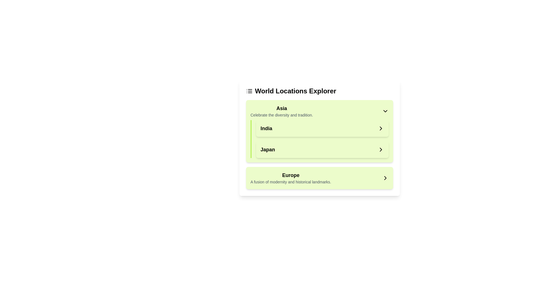  What do you see at coordinates (290, 182) in the screenshot?
I see `the text element that reads 'A fusion of modernity and historical landmarks.' which is styled in a smaller gray font and located directly beneath the 'Europe' header` at bounding box center [290, 182].